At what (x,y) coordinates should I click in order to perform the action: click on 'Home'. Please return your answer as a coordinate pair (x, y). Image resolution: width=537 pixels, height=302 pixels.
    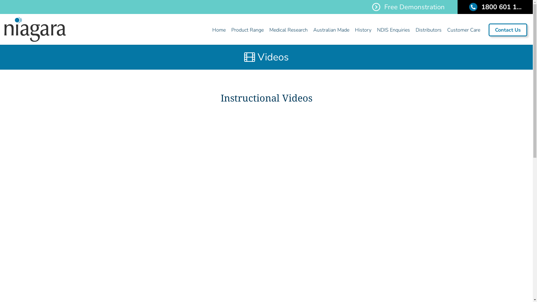
    Looking at the image, I should click on (218, 30).